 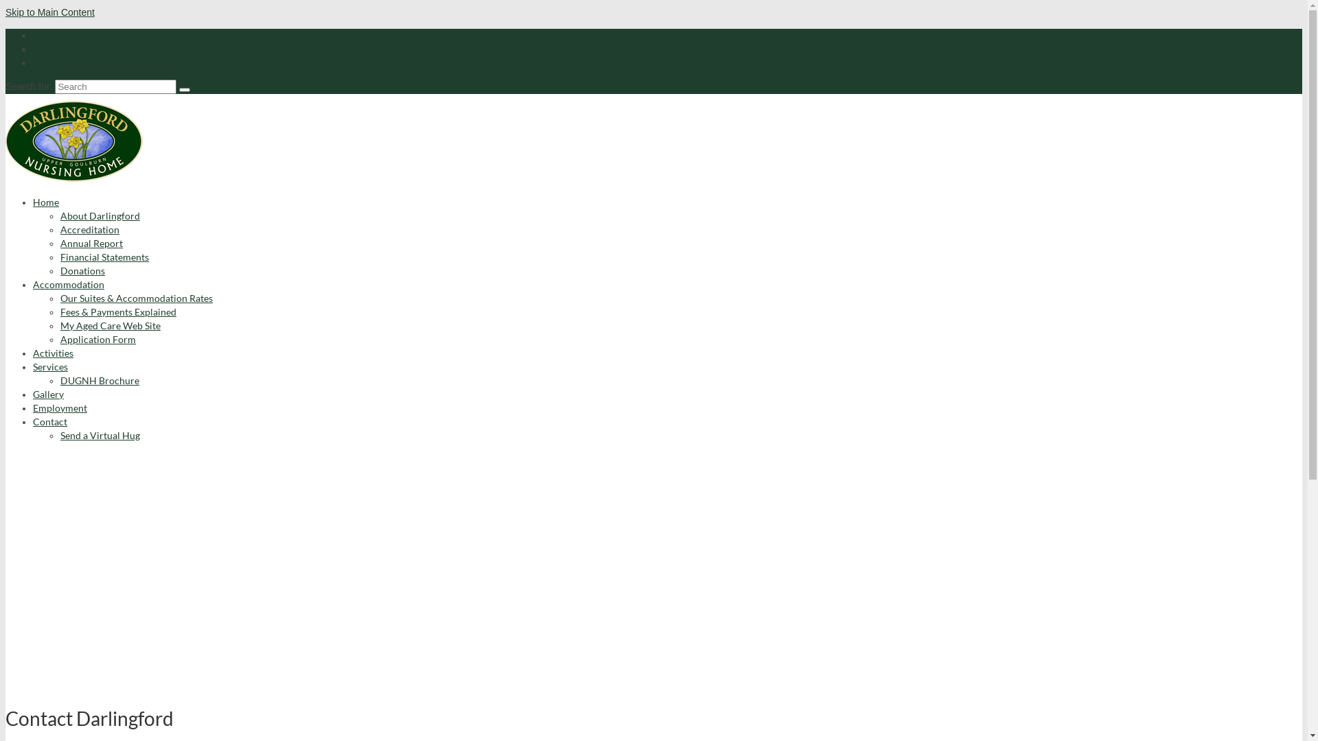 I want to click on 'Donations', so click(x=82, y=270).